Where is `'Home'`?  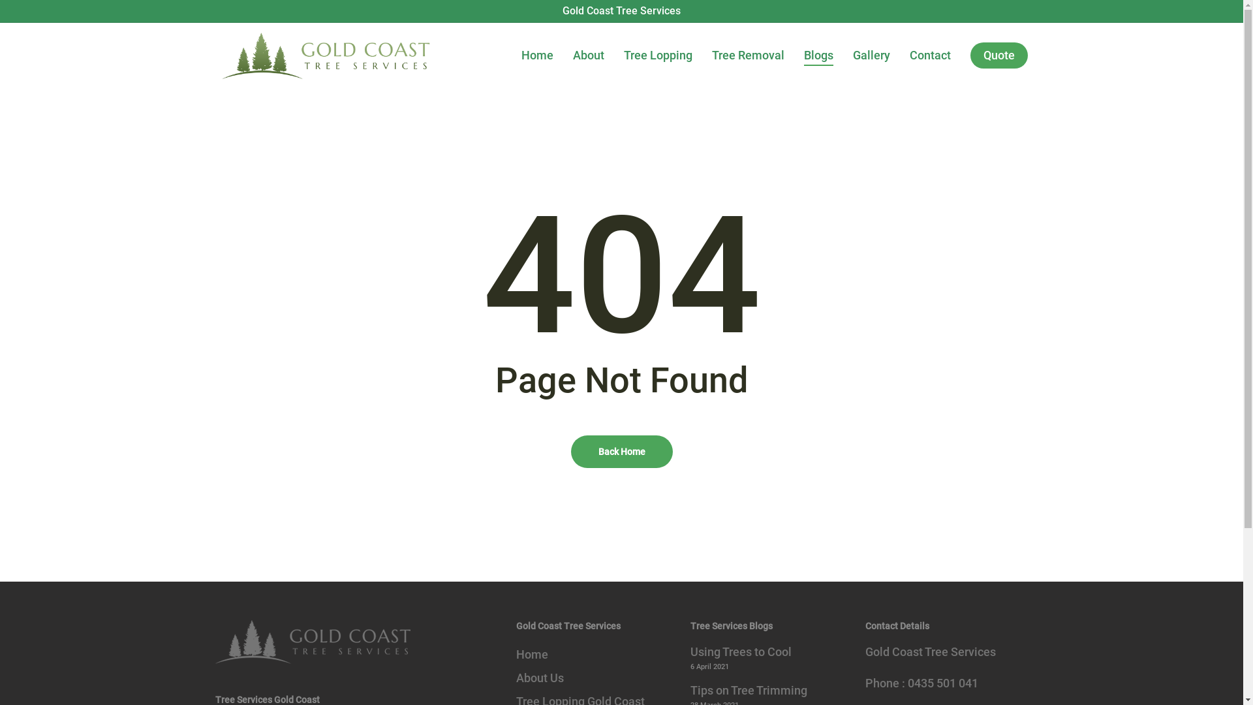 'Home' is located at coordinates (537, 54).